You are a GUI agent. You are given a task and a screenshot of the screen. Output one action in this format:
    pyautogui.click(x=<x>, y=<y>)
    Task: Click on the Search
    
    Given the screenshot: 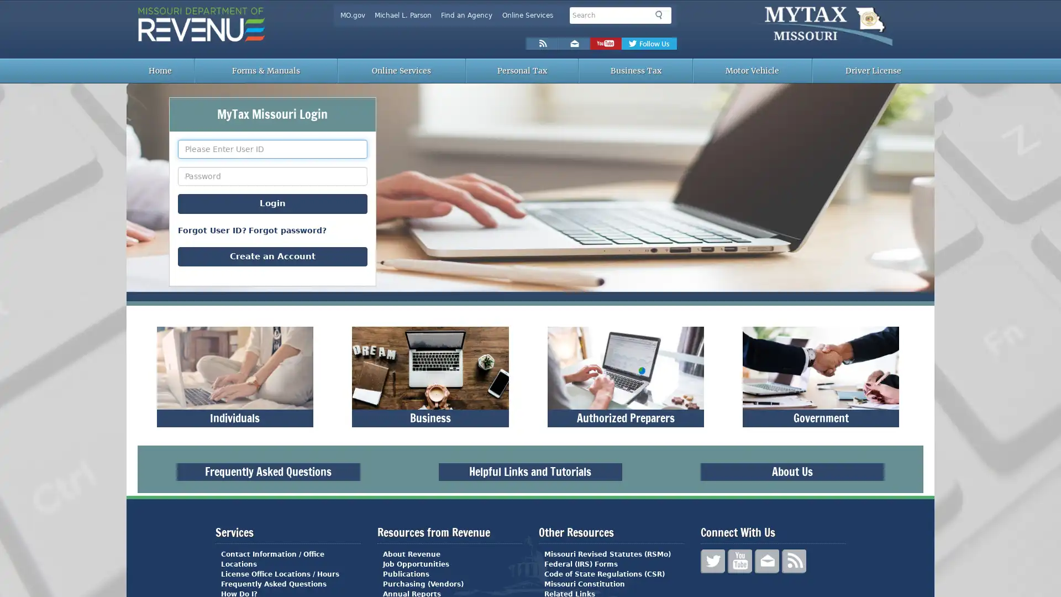 What is the action you would take?
    pyautogui.click(x=661, y=15)
    